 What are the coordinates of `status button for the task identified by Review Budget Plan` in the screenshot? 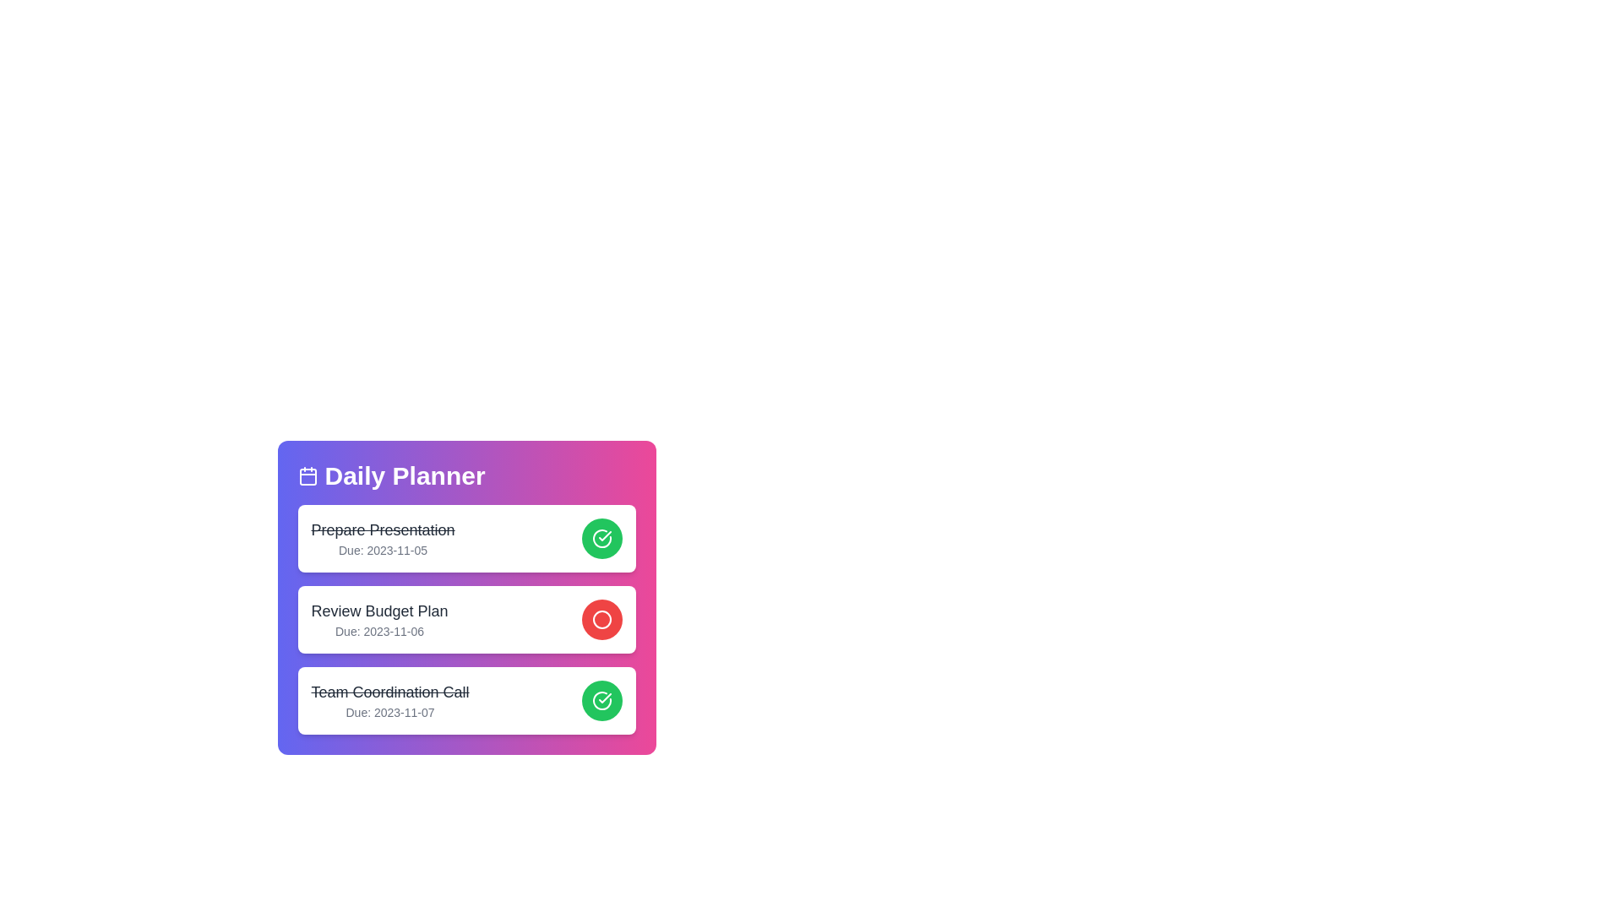 It's located at (601, 619).